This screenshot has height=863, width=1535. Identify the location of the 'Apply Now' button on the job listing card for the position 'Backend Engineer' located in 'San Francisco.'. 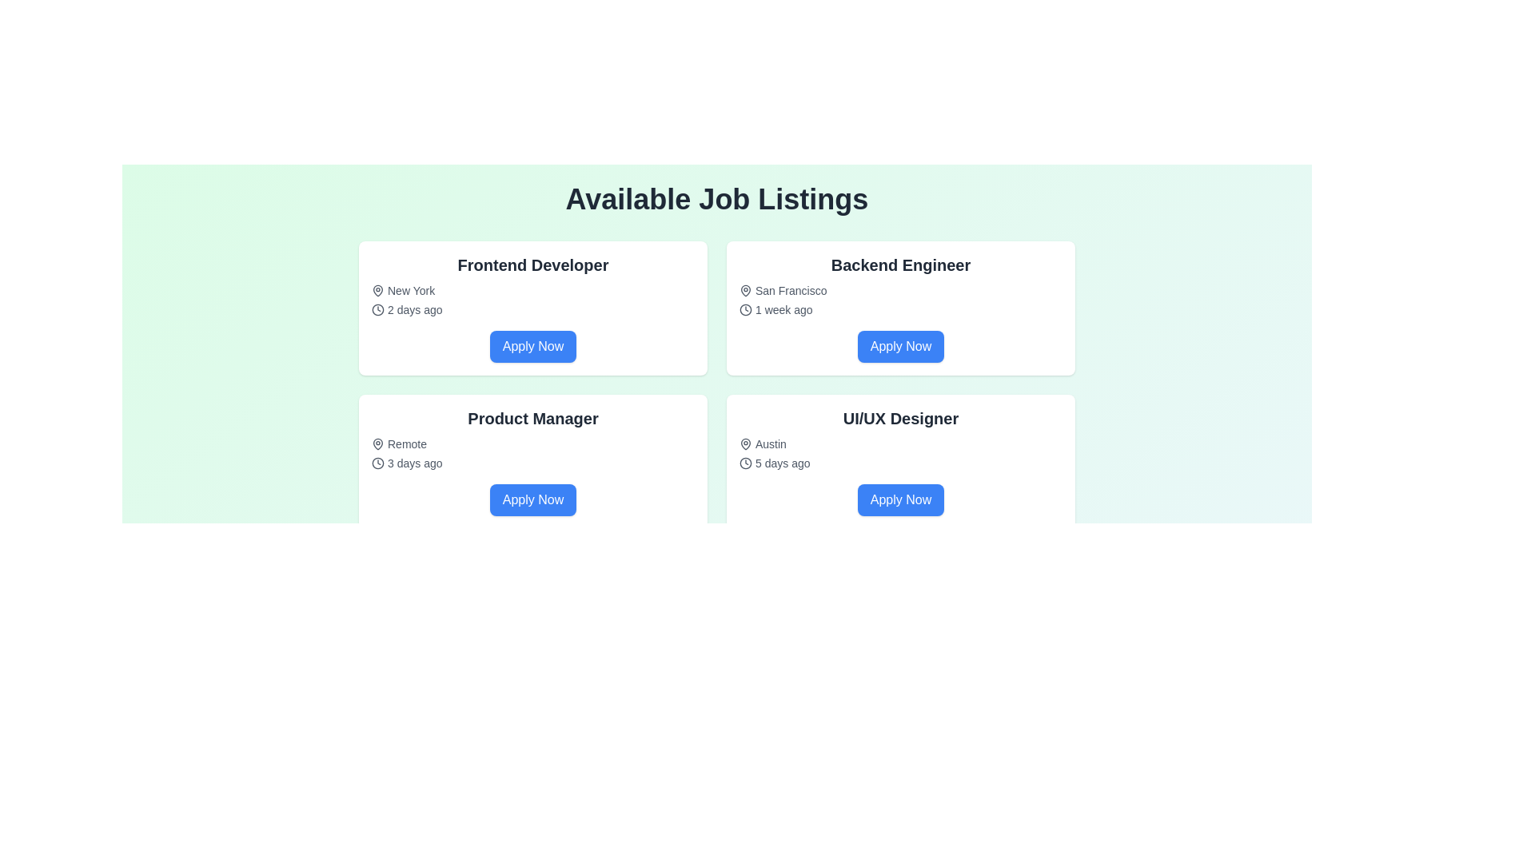
(901, 308).